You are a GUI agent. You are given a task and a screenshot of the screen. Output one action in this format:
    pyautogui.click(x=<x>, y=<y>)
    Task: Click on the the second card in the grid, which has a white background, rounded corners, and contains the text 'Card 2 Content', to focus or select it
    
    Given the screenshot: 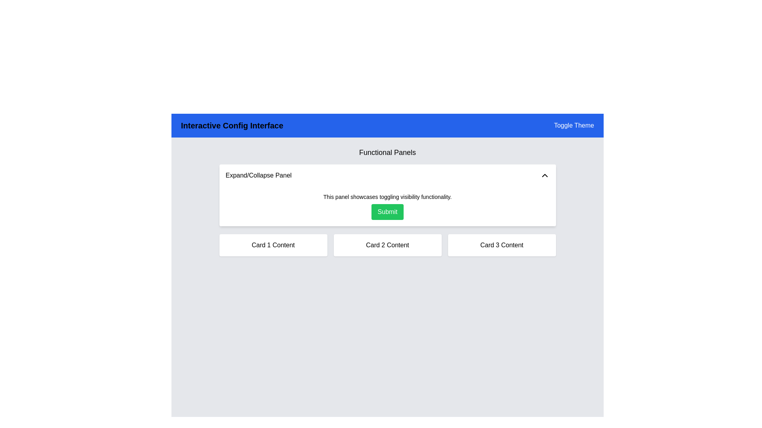 What is the action you would take?
    pyautogui.click(x=387, y=245)
    